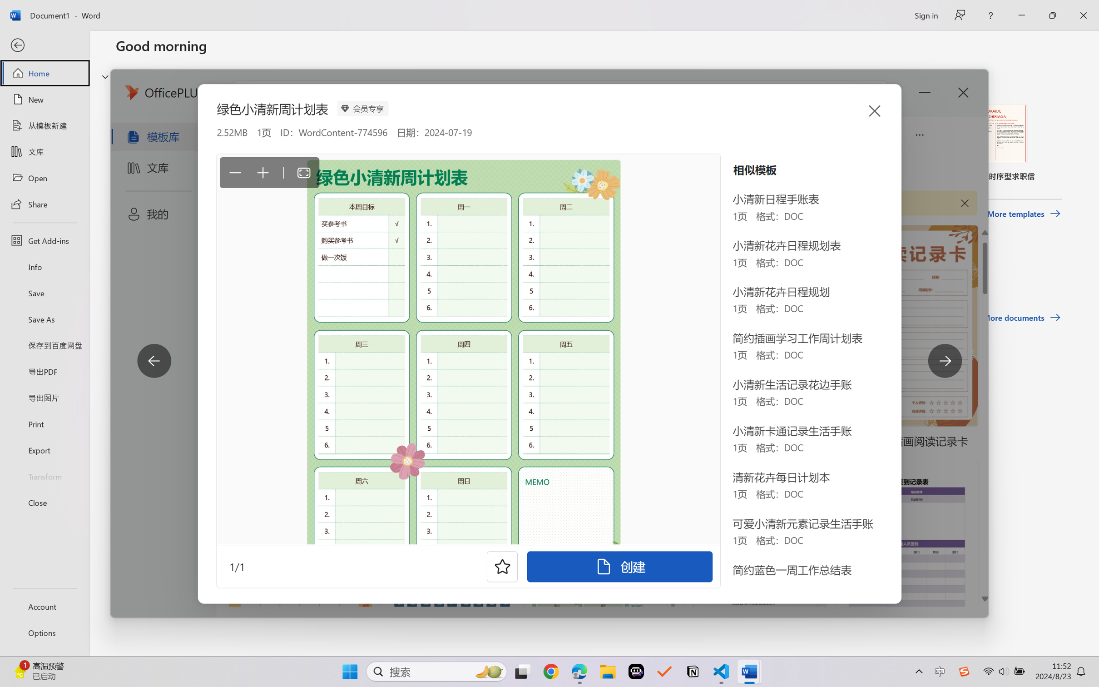  I want to click on 'More templates', so click(1023, 214).